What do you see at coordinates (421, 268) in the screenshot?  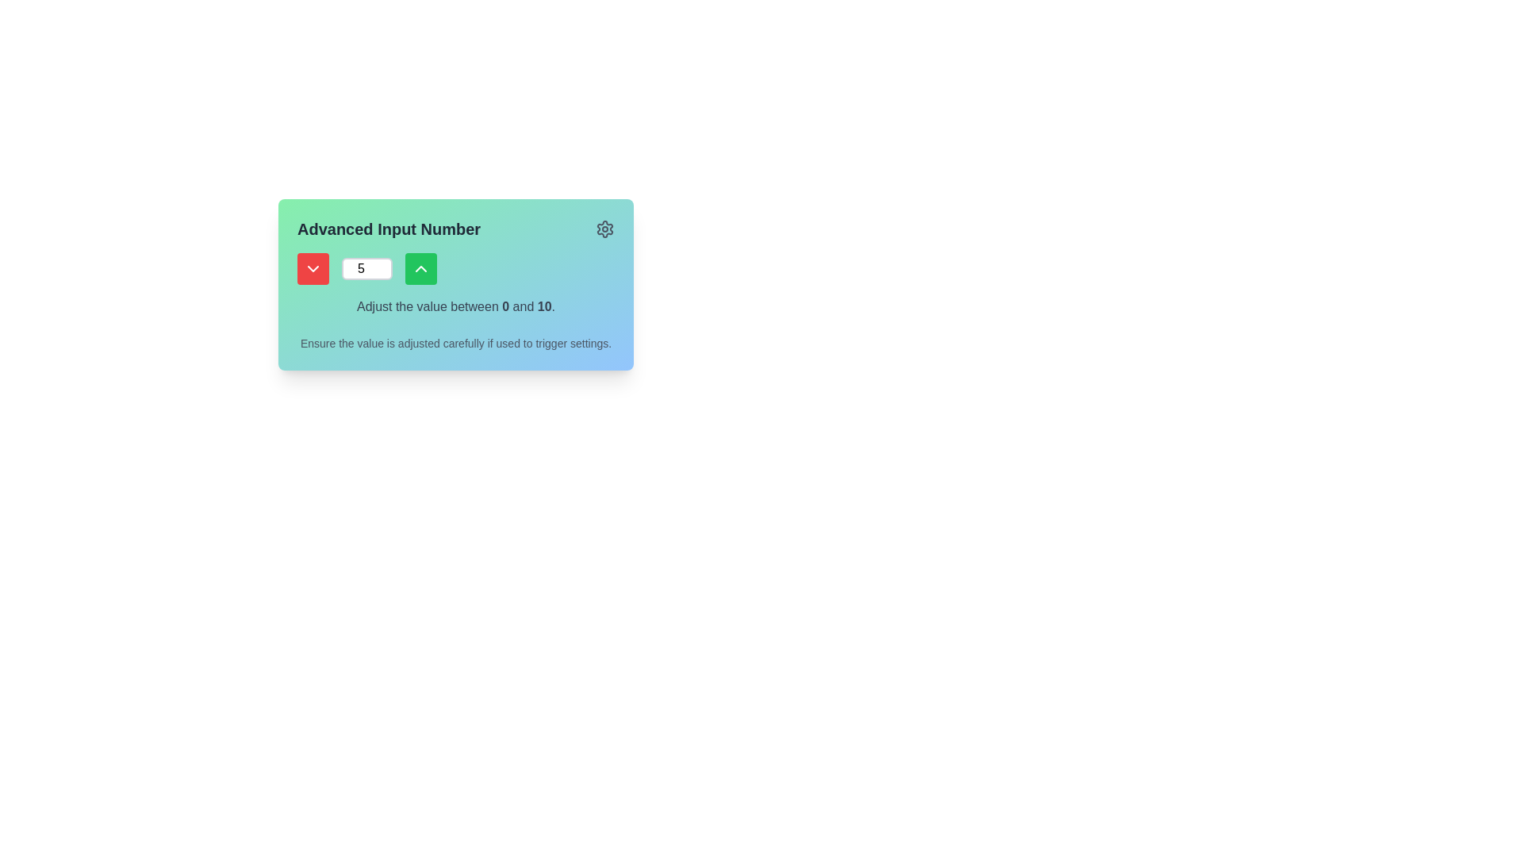 I see `the rounded green button with a white upward-pointing arrow, located to the right of the numeric input field displaying '5'` at bounding box center [421, 268].